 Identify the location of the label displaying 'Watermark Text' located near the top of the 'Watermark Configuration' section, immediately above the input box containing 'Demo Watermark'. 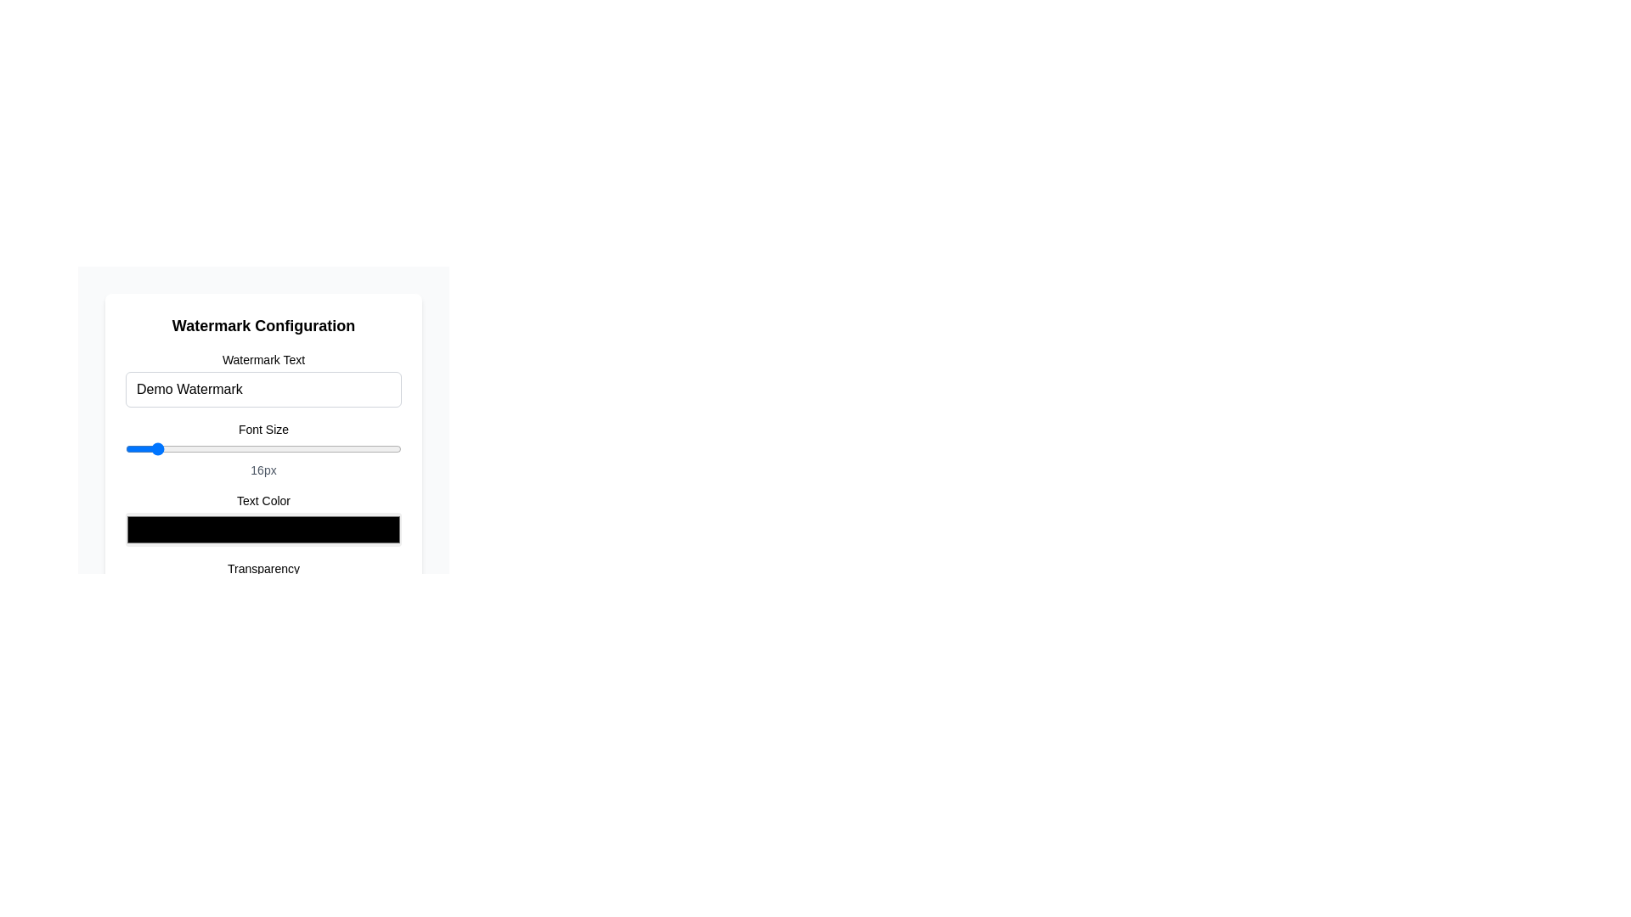
(262, 359).